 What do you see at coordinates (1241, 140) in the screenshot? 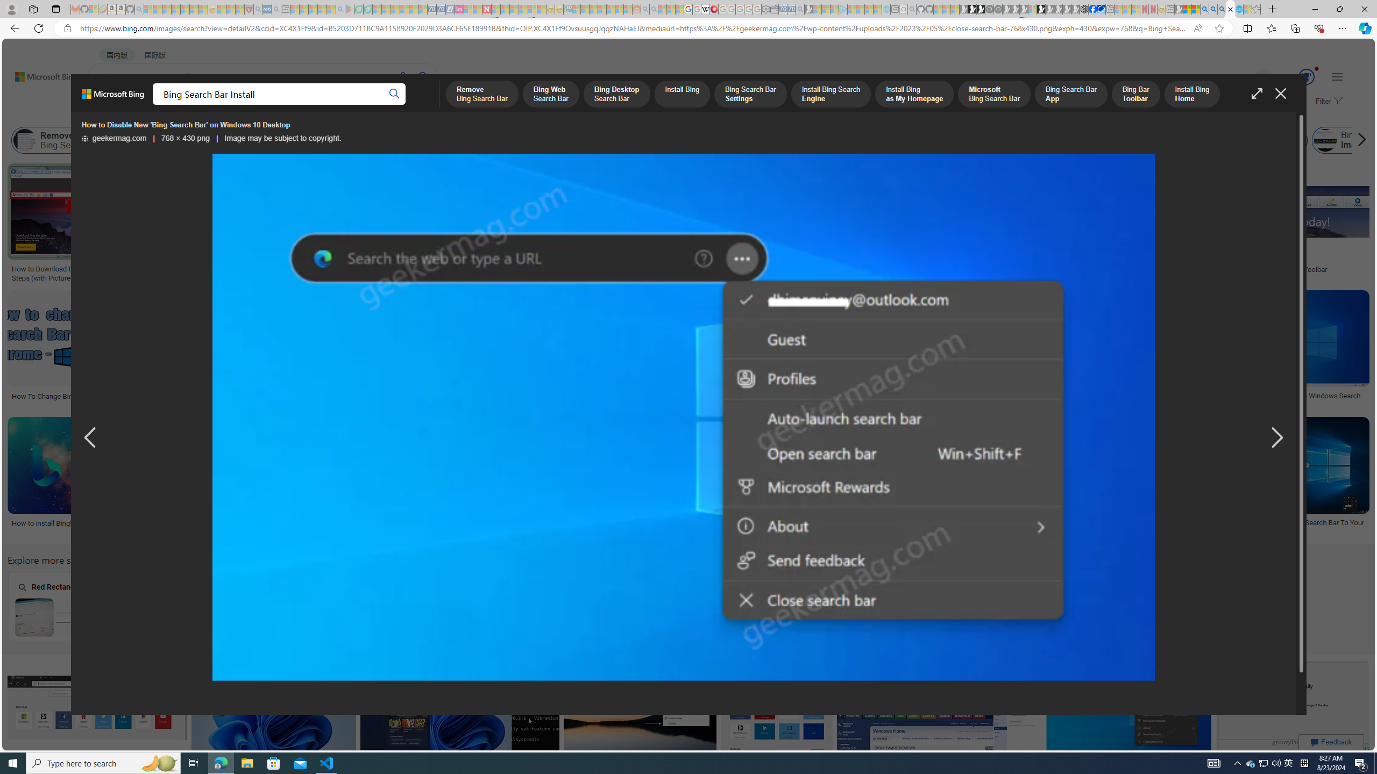
I see `'Bing Menu Bar'` at bounding box center [1241, 140].